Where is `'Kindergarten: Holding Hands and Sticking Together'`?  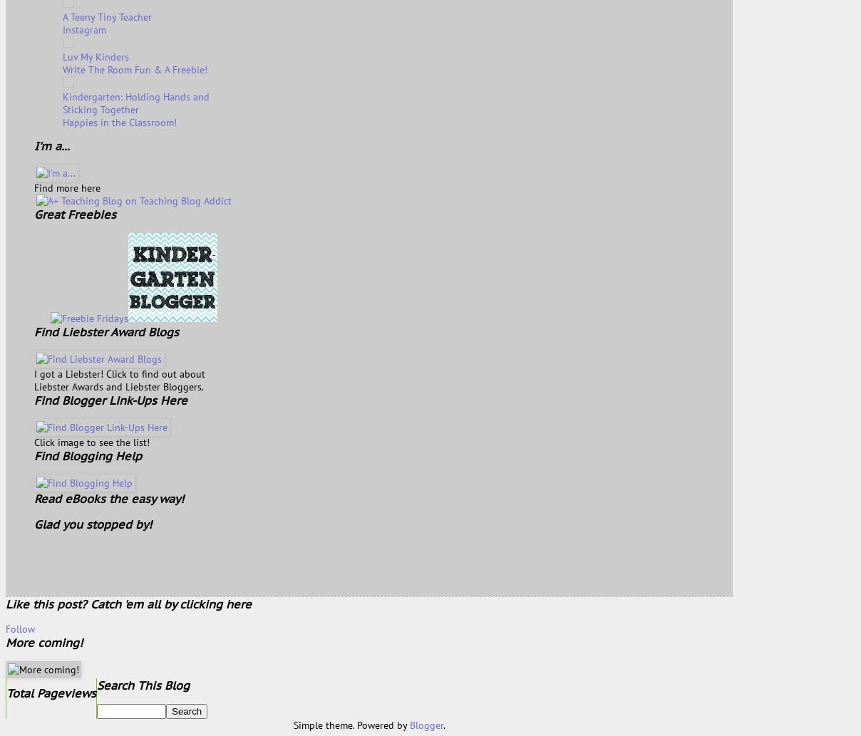
'Kindergarten: Holding Hands and Sticking Together' is located at coordinates (135, 103).